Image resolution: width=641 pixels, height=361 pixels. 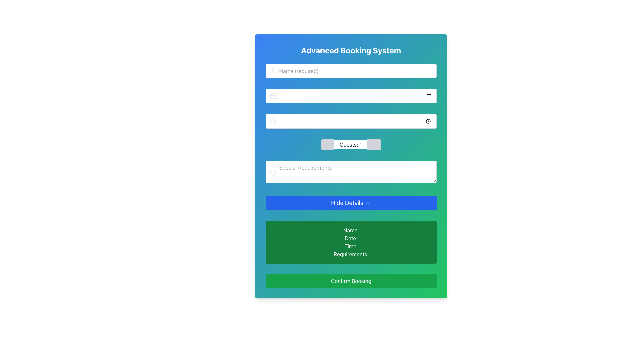 I want to click on the text label reading 'Requirements:', so click(x=351, y=254).